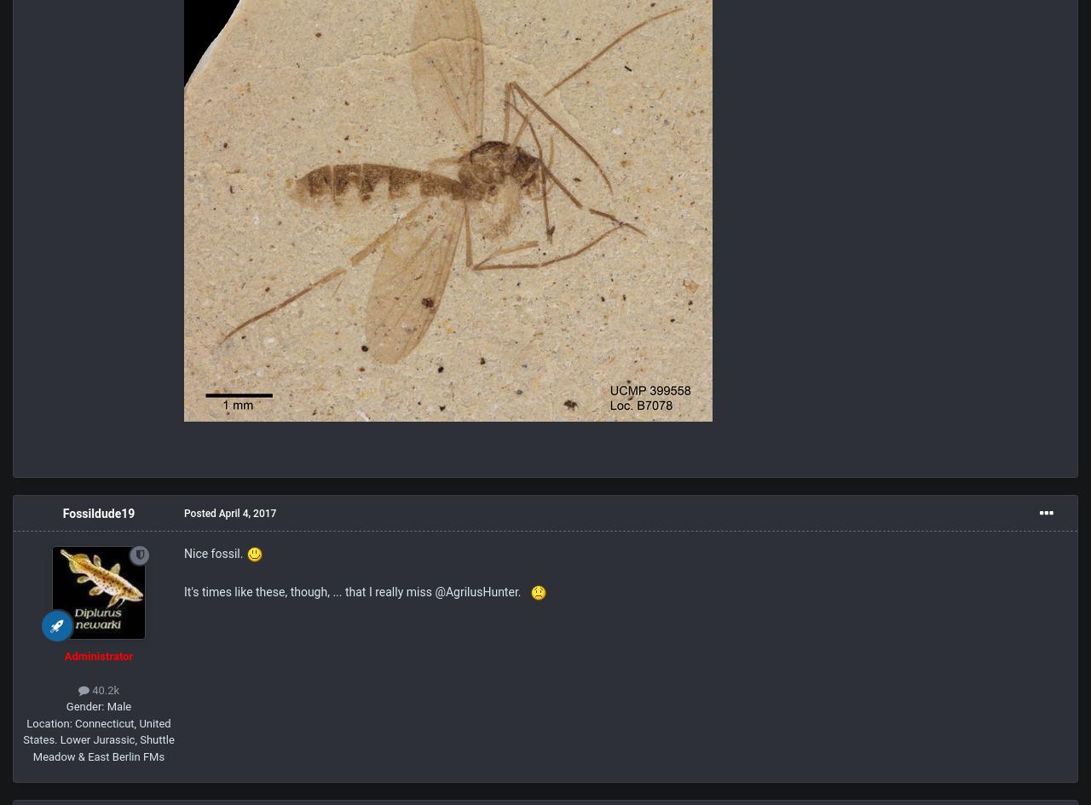 This screenshot has width=1091, height=805. I want to click on 'Nice fossil.', so click(214, 552).